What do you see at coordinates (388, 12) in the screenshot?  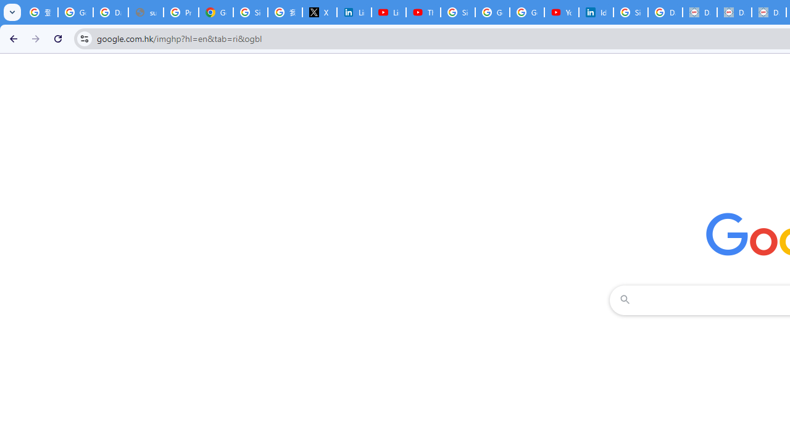 I see `'LinkedIn - YouTube'` at bounding box center [388, 12].